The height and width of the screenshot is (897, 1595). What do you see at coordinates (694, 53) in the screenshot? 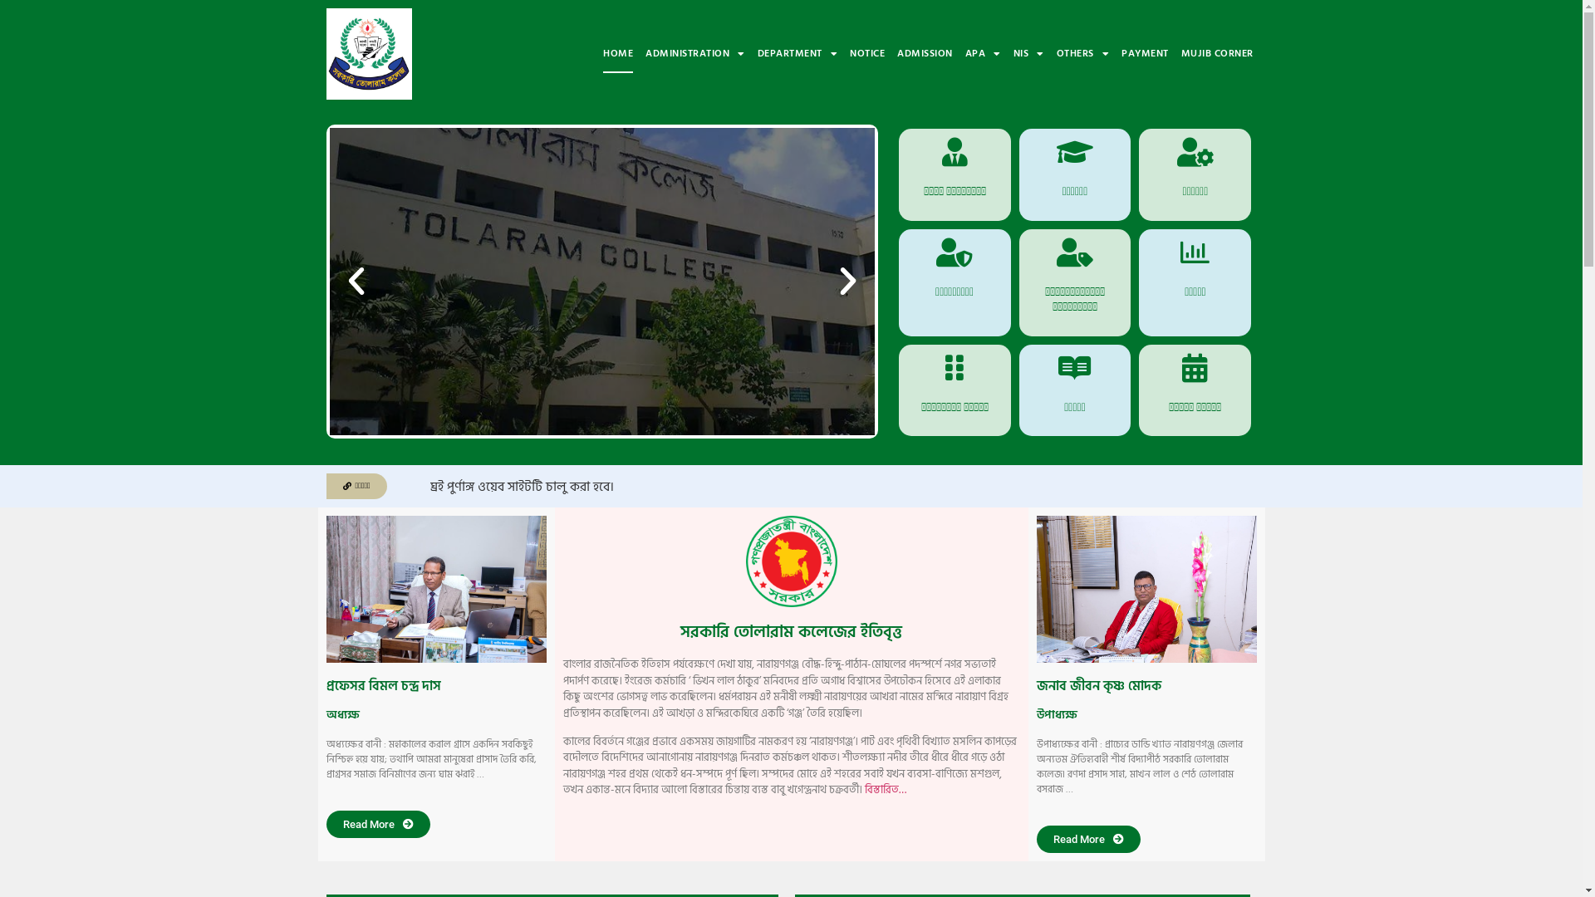
I see `'ADMINISTRATION'` at bounding box center [694, 53].